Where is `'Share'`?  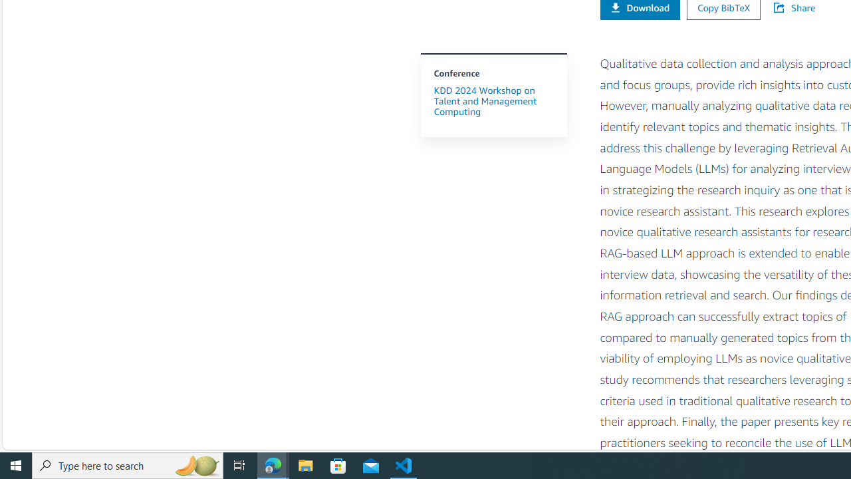 'Share' is located at coordinates (800, 7).